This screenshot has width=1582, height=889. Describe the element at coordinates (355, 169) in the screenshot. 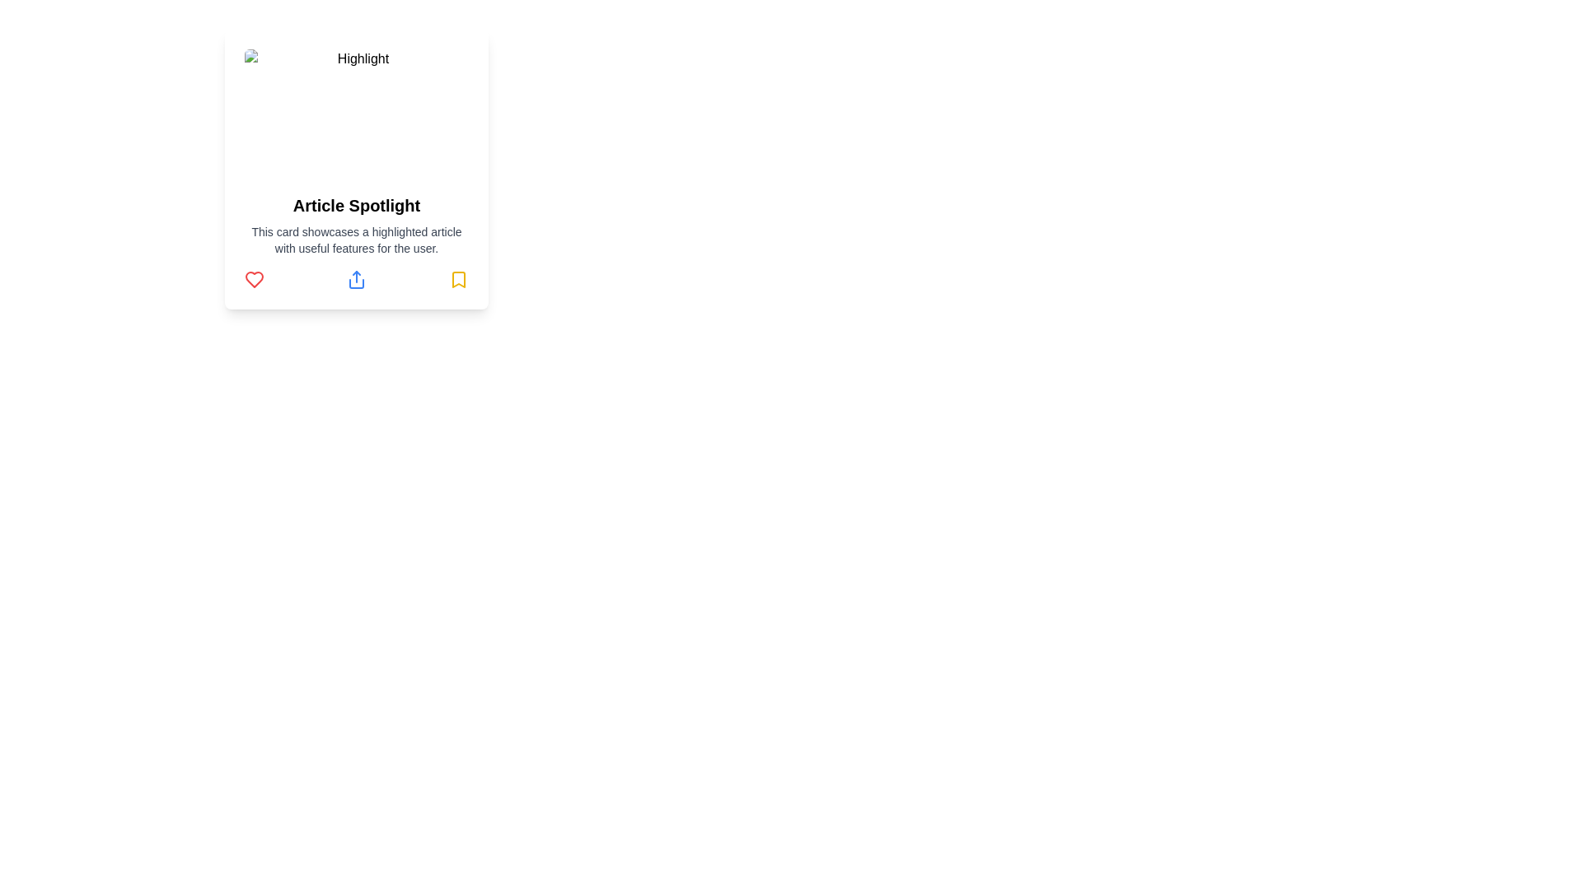

I see `the article spotlight card located in the upper-left corner of the main content area` at that location.